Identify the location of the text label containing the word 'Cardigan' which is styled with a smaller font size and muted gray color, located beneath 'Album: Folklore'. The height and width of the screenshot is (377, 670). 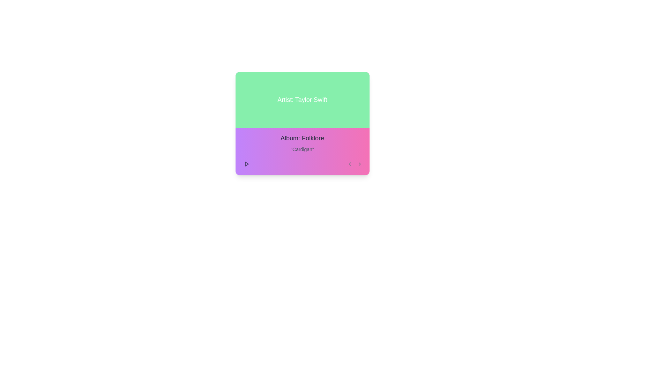
(302, 149).